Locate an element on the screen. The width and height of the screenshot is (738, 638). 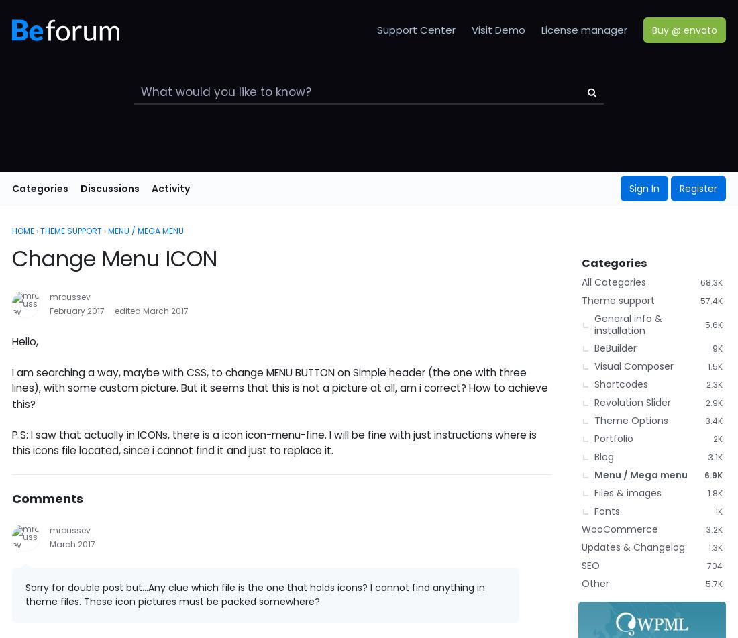
'License manager' is located at coordinates (583, 29).